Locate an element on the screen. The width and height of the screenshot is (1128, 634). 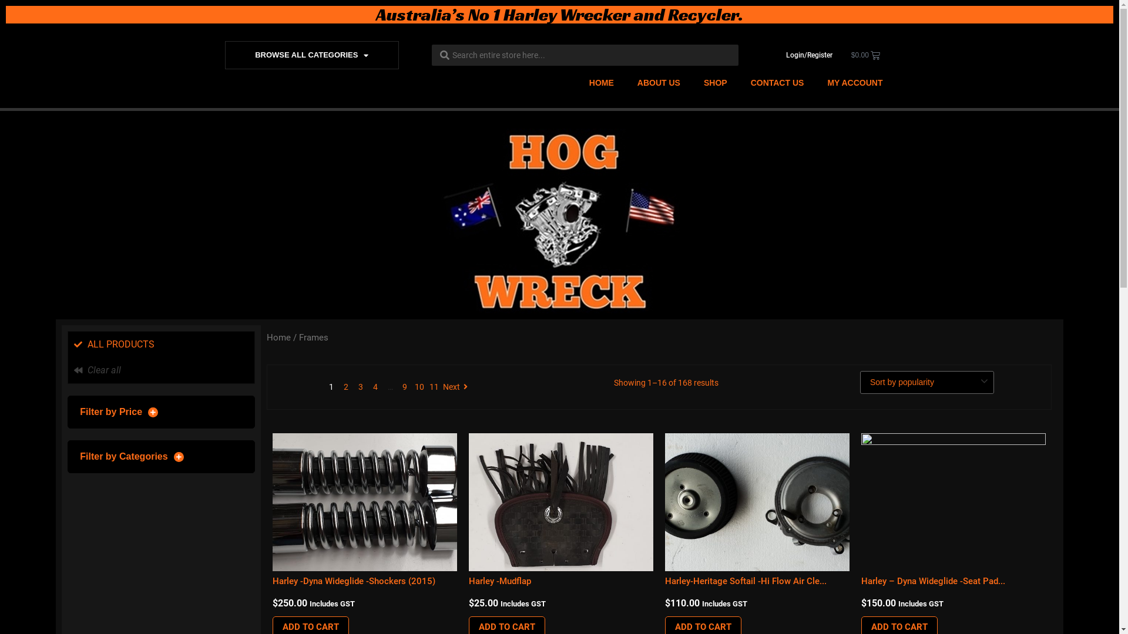
'Home' is located at coordinates (266, 337).